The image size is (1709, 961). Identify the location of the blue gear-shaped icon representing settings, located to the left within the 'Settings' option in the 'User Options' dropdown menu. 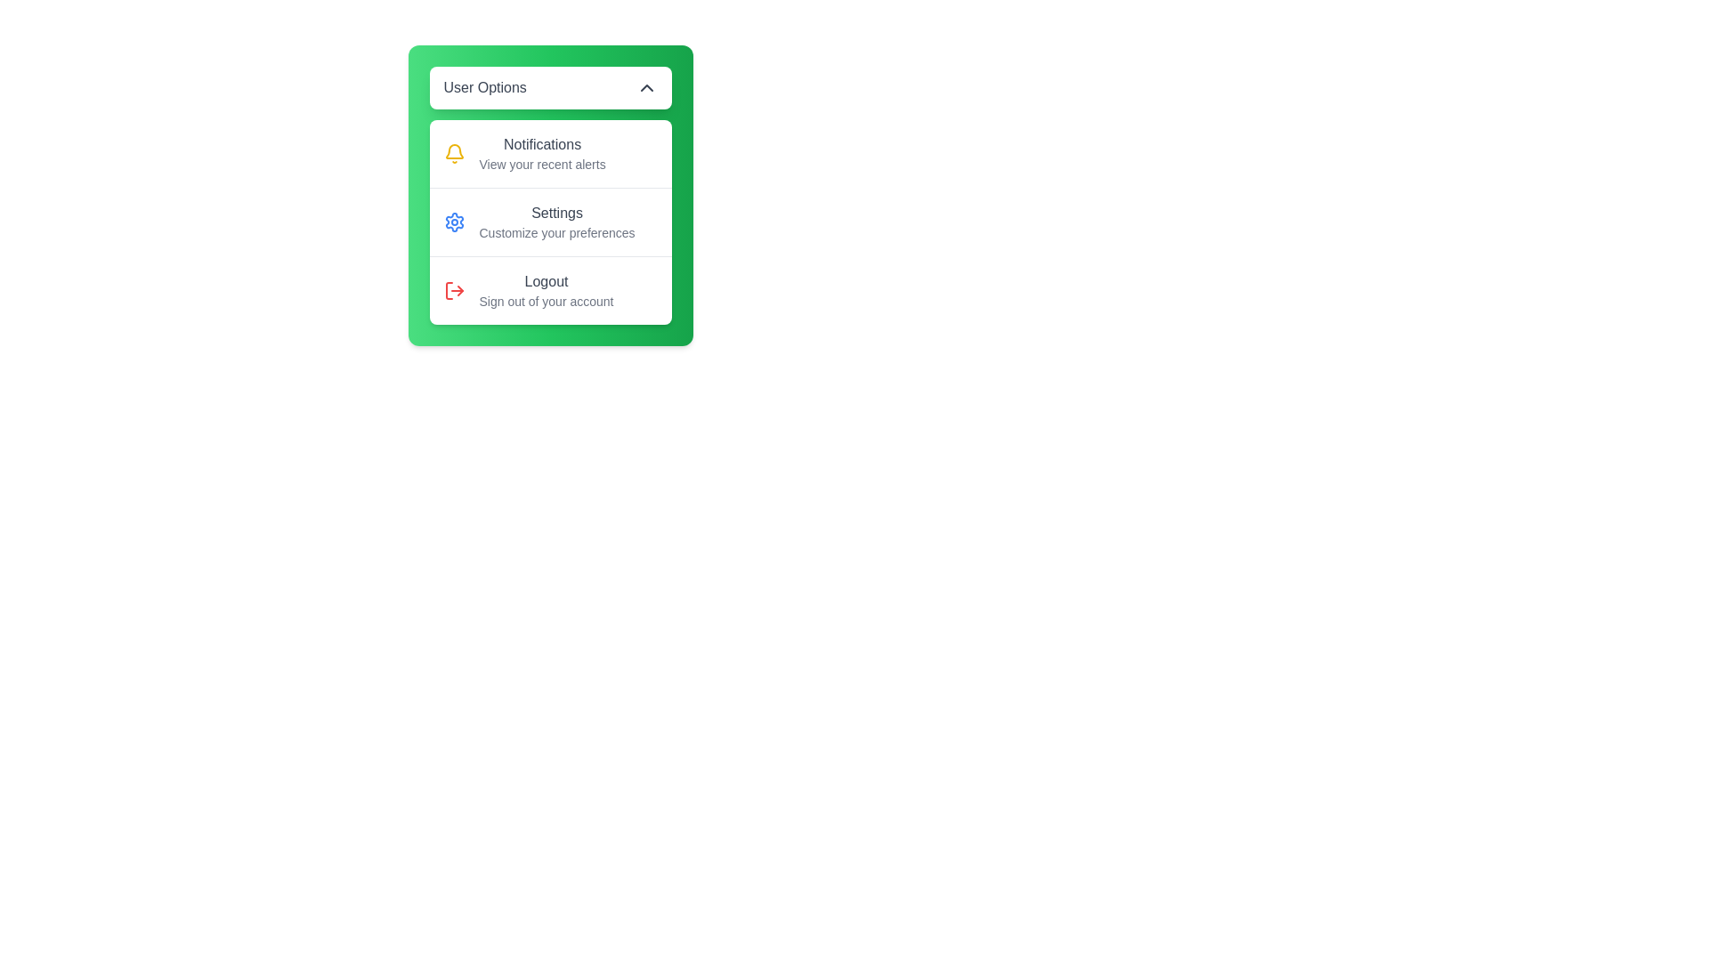
(454, 222).